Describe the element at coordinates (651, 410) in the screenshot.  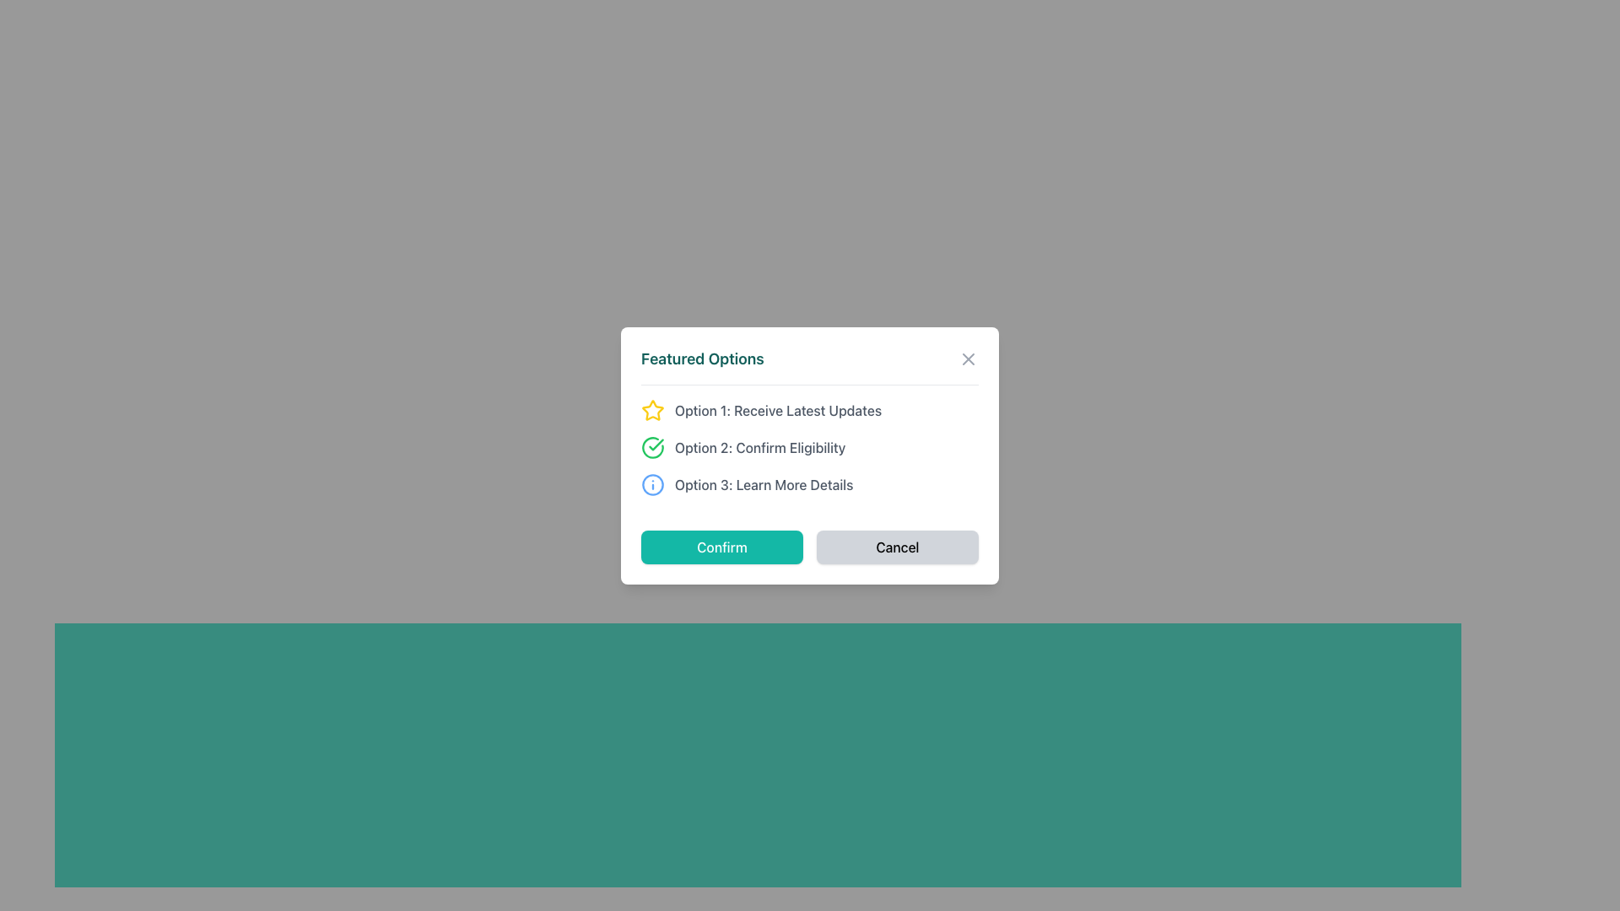
I see `the star decorative icon associated with 'Option 1: Receive Latest Updates' in the 'Featured Options' modal dialog box` at that location.